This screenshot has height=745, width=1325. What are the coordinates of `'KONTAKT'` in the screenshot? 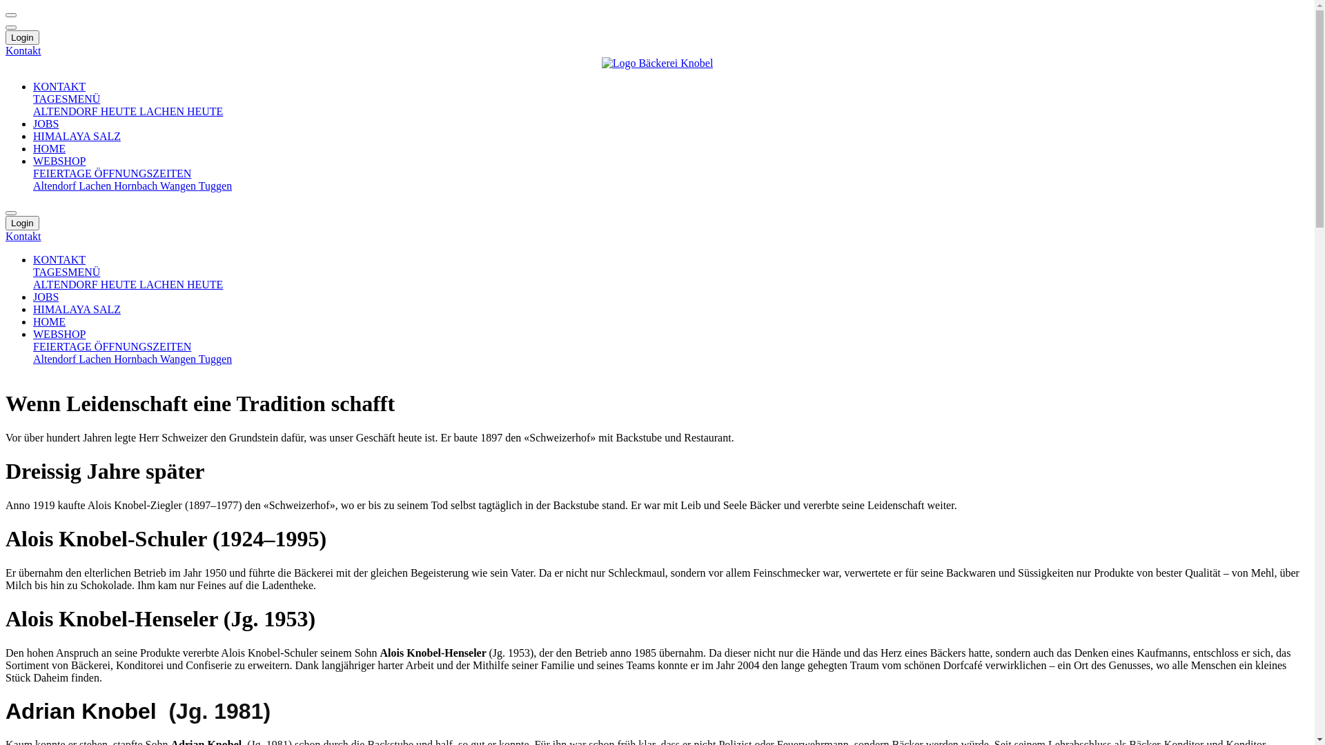 It's located at (59, 86).